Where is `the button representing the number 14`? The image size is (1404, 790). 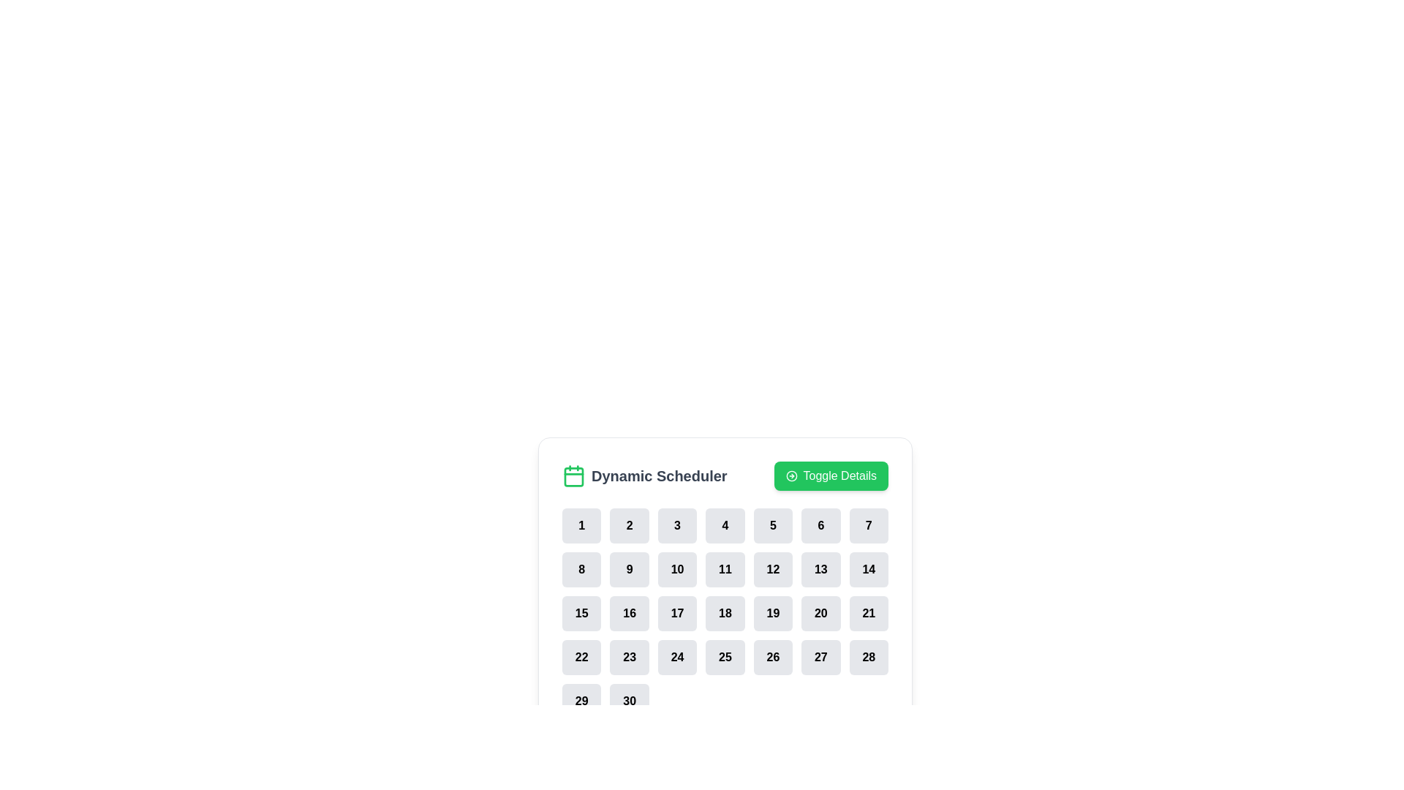 the button representing the number 14 is located at coordinates (869, 569).